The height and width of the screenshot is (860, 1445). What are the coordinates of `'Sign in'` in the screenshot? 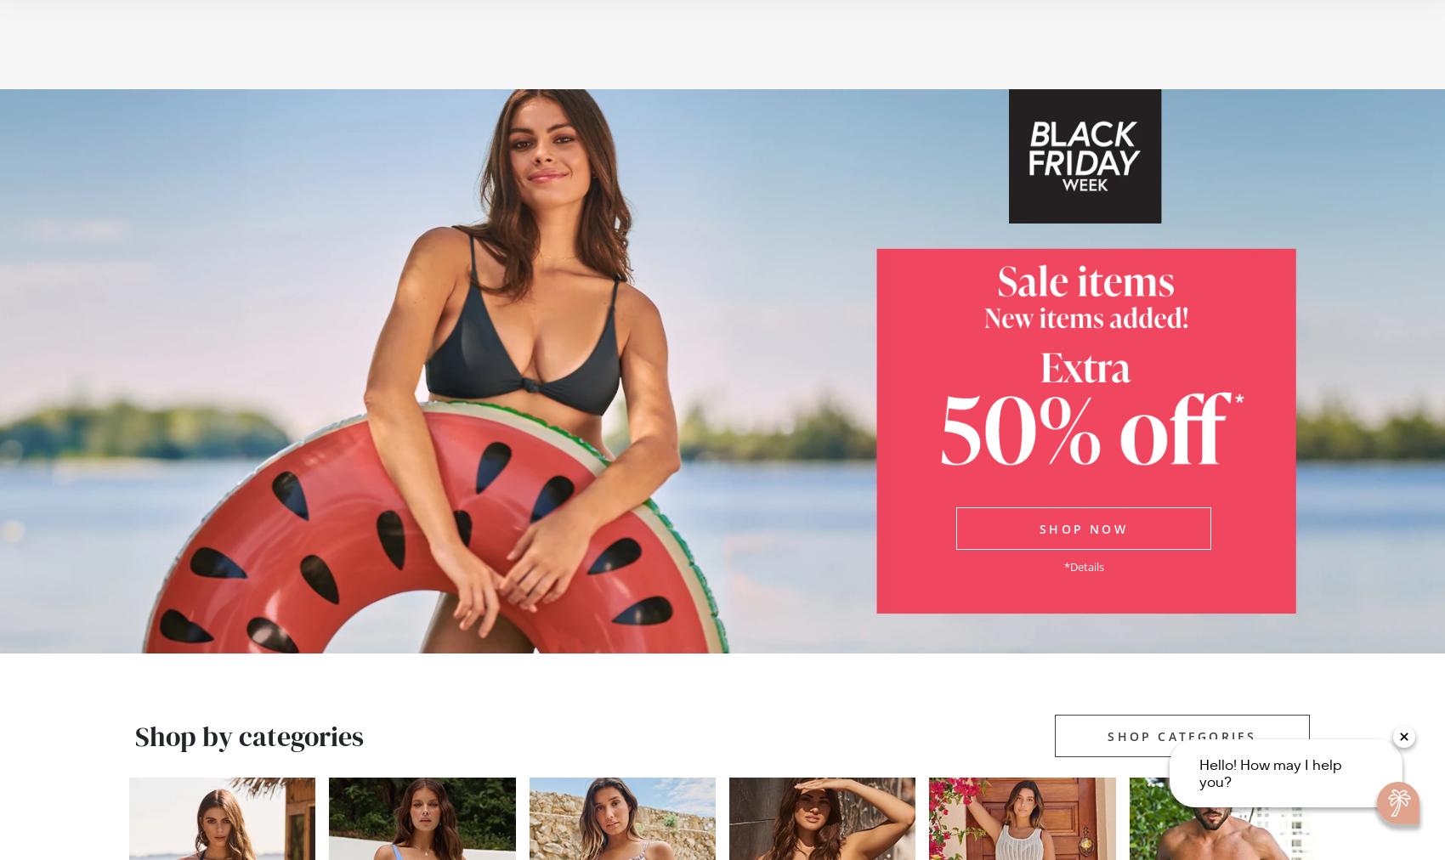 It's located at (1181, 62).